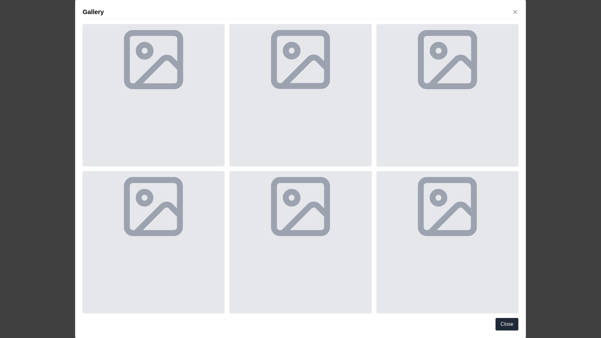 The height and width of the screenshot is (338, 601). Describe the element at coordinates (93, 12) in the screenshot. I see `header element displaying the text 'Gallery' in bold at the top-left corner of the grid interface` at that location.